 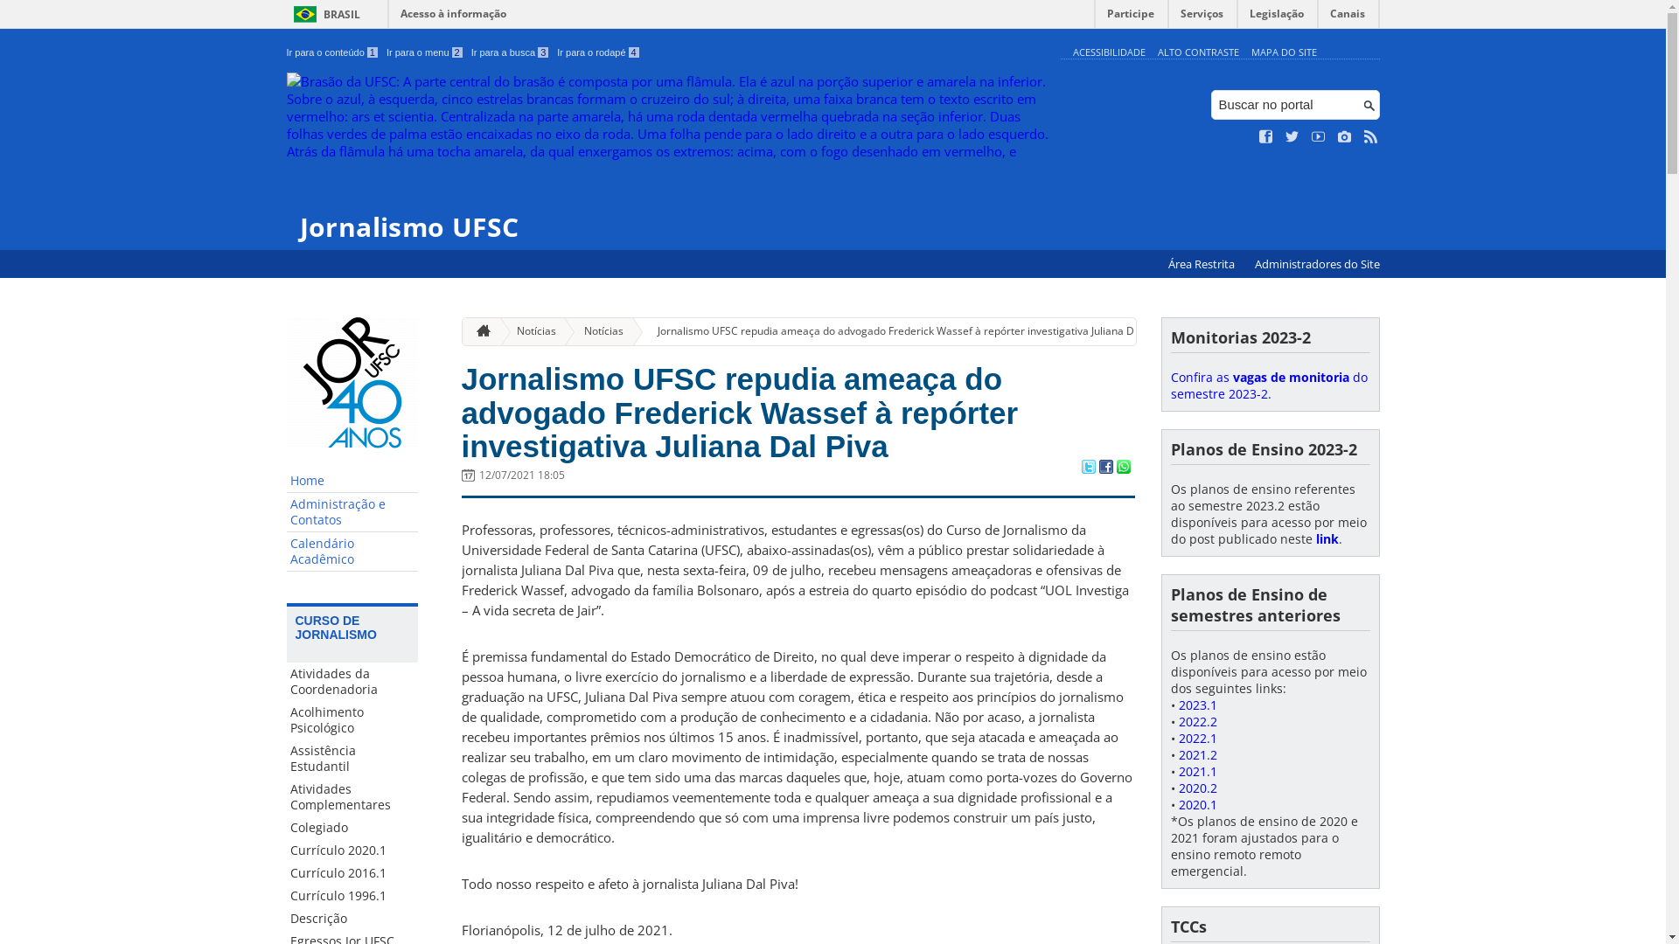 I want to click on 'Participe', so click(x=1130, y=17).